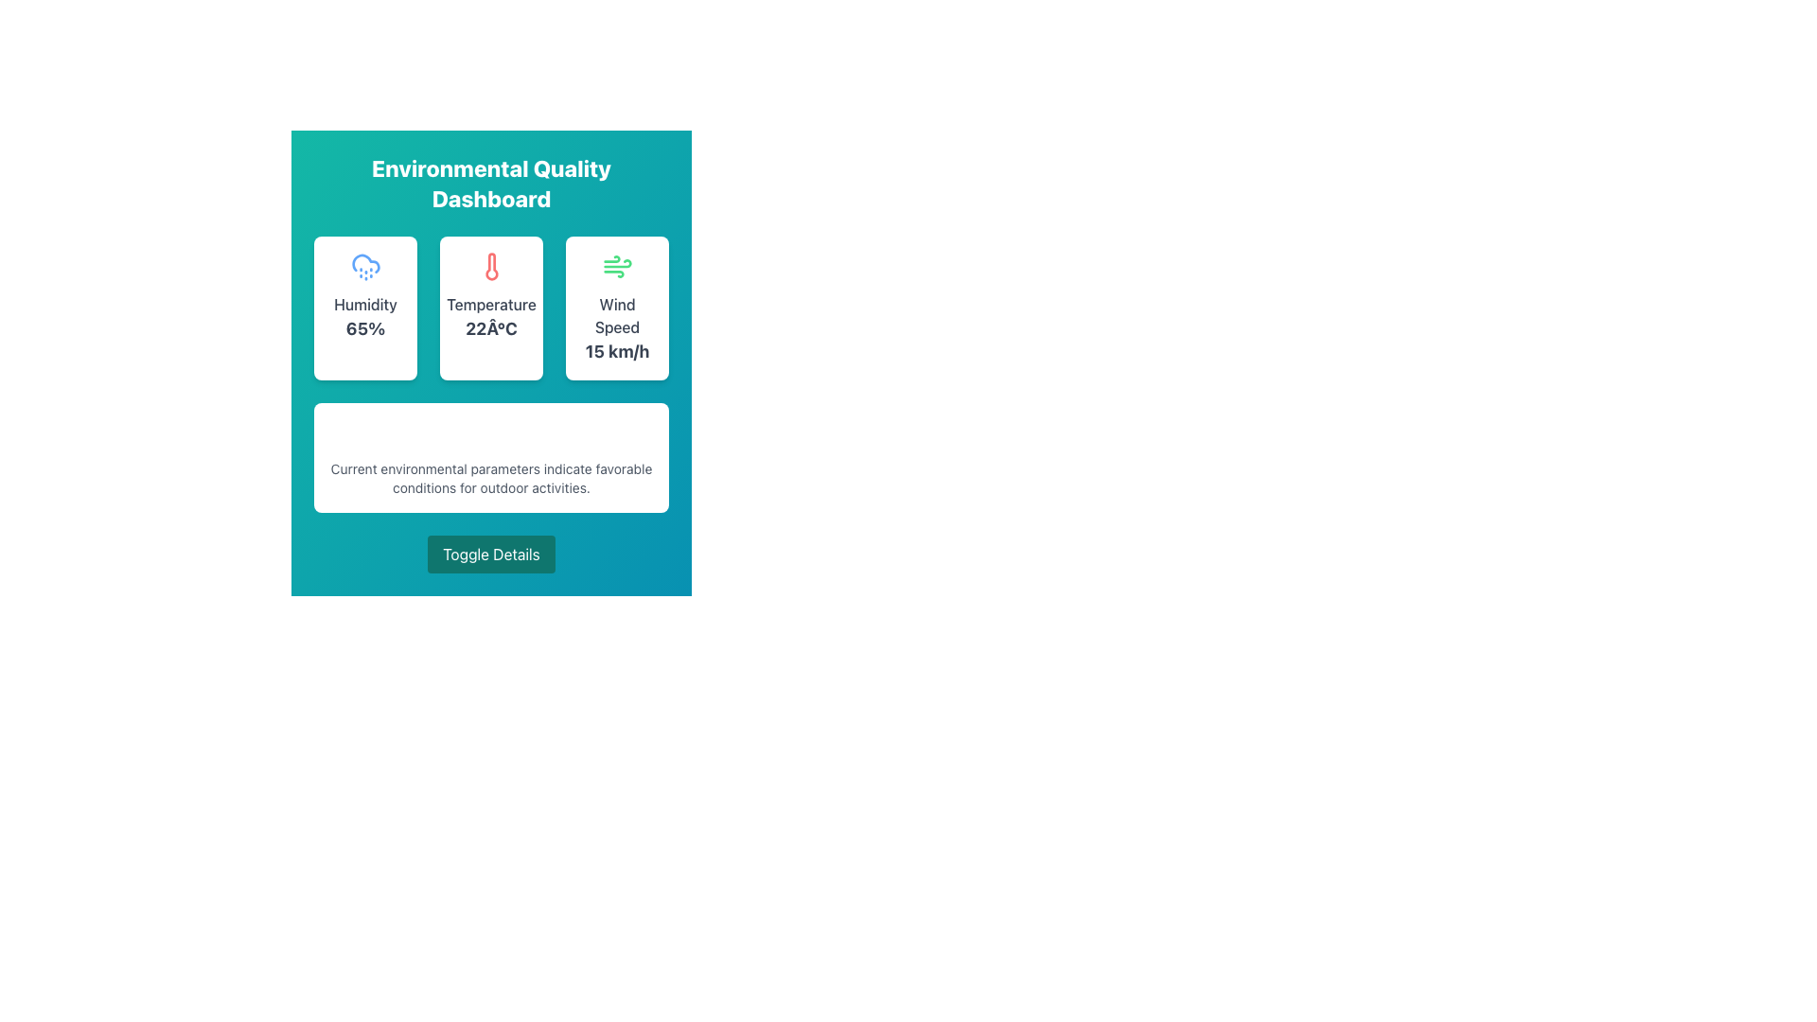 Image resolution: width=1817 pixels, height=1022 pixels. Describe the element at coordinates (491, 554) in the screenshot. I see `the toggle button located at the central lower part of the card` at that location.